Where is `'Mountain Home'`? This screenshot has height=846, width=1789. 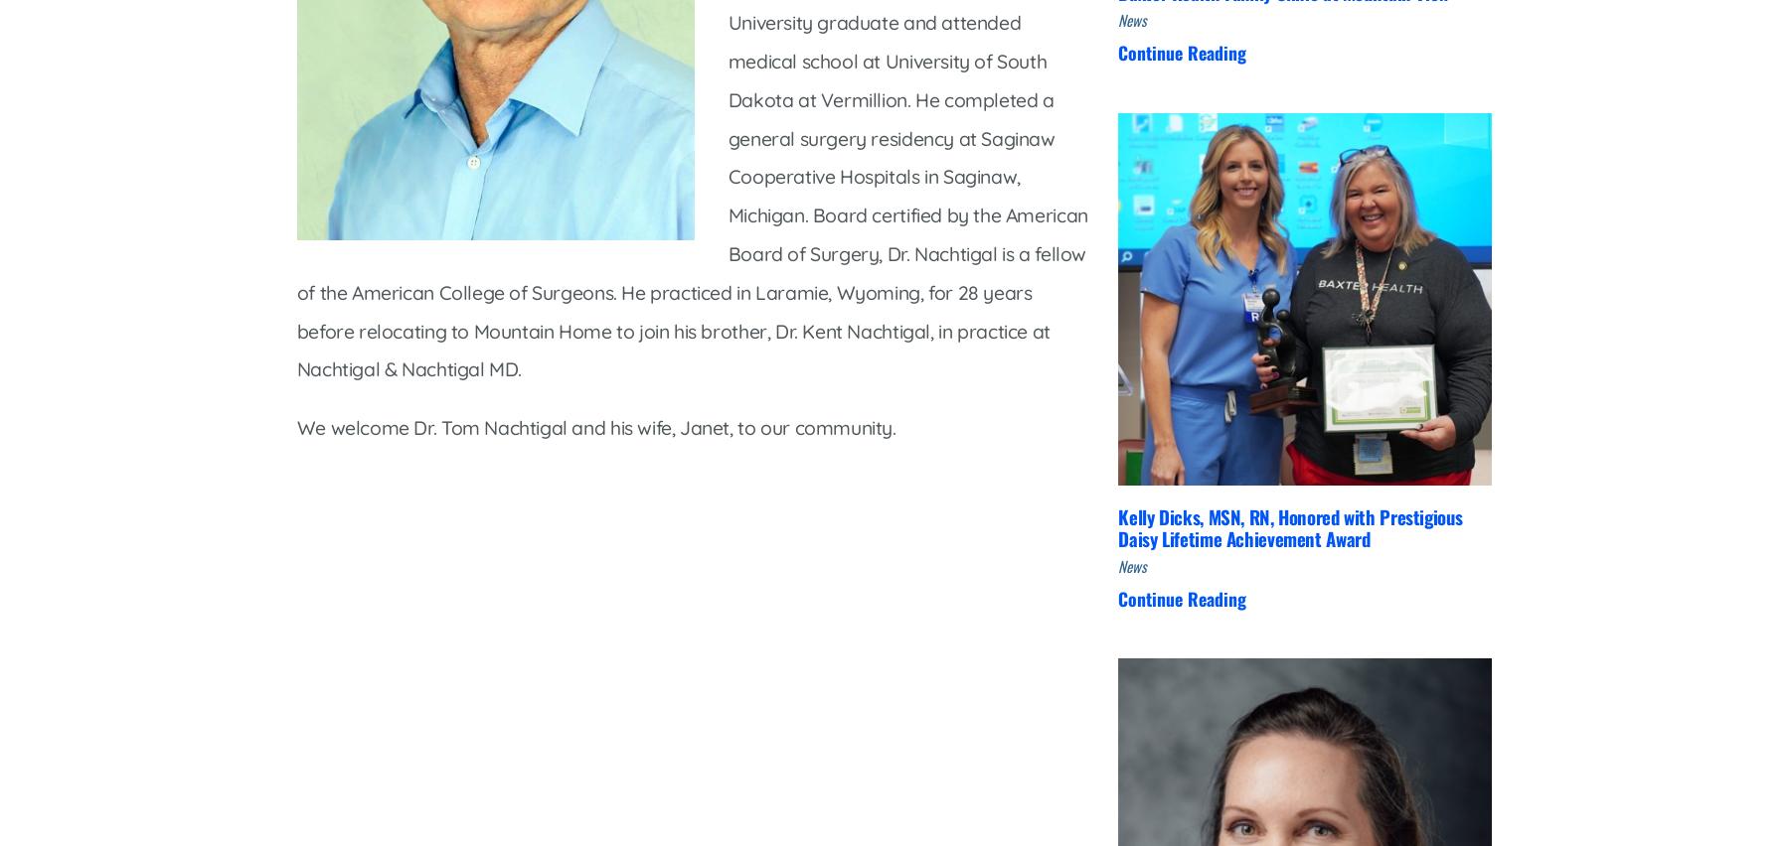
'Mountain Home' is located at coordinates (597, 350).